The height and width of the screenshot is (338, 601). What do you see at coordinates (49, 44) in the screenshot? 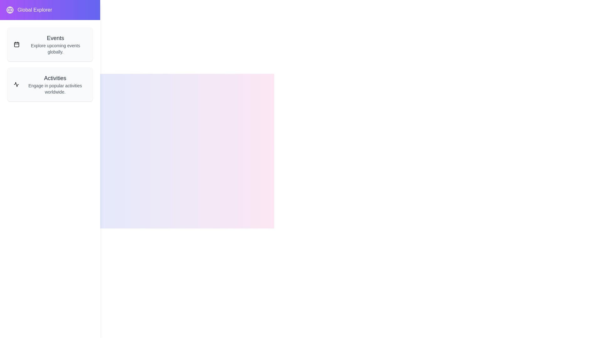
I see `the 'Events' item in the drawer` at bounding box center [49, 44].